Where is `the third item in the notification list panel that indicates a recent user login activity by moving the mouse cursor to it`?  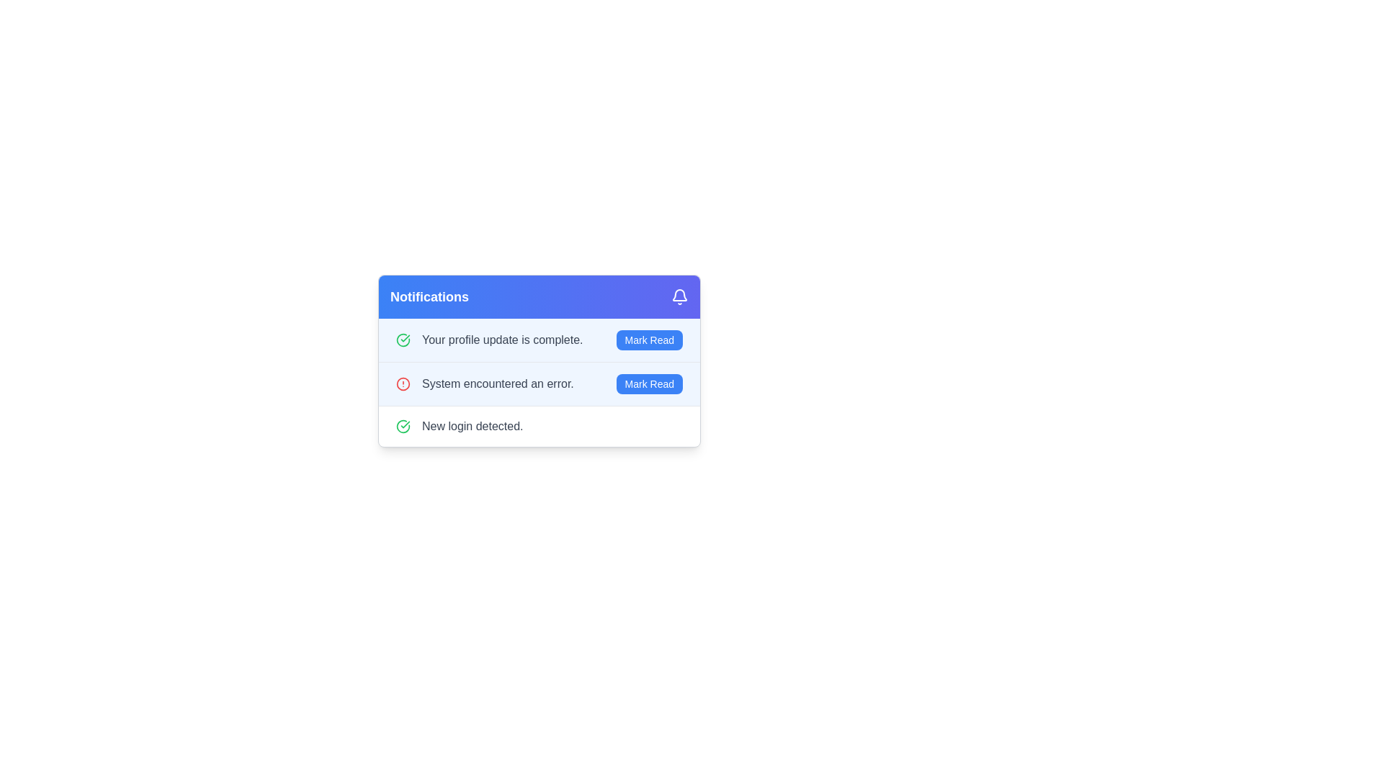 the third item in the notification list panel that indicates a recent user login activity by moving the mouse cursor to it is located at coordinates (538, 425).